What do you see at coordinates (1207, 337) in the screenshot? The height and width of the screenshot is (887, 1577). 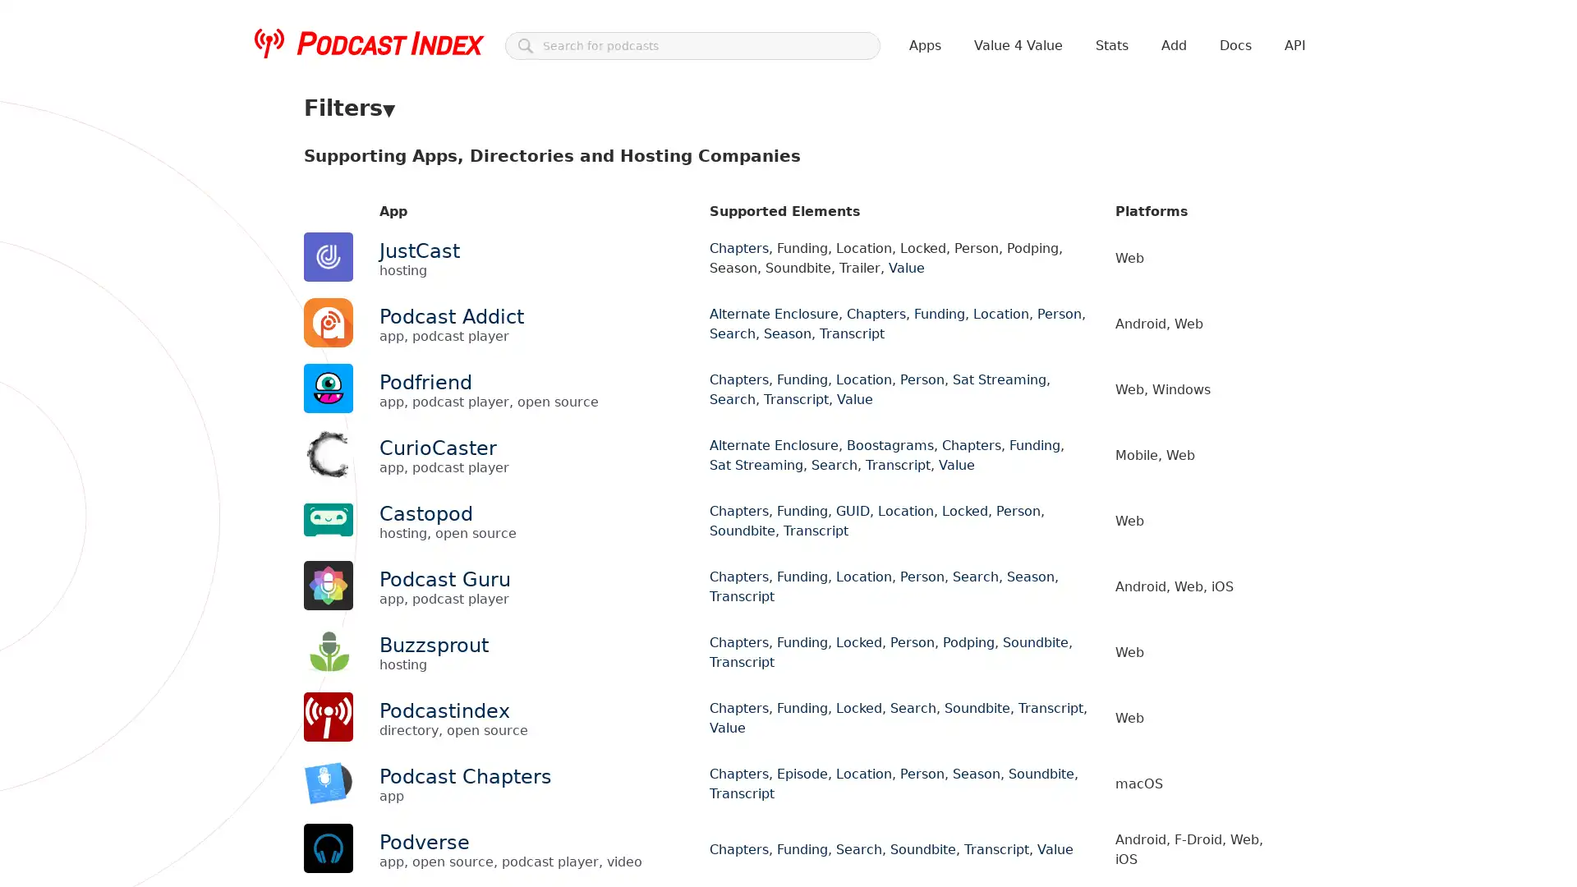 I see `Umbrel` at bounding box center [1207, 337].